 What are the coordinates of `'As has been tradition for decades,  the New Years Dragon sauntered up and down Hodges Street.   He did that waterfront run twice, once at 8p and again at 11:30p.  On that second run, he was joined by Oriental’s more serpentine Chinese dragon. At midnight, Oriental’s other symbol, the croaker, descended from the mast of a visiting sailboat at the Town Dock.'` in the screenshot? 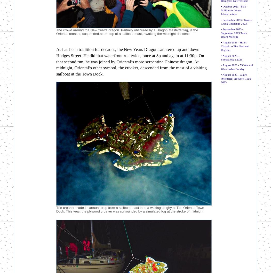 It's located at (131, 61).